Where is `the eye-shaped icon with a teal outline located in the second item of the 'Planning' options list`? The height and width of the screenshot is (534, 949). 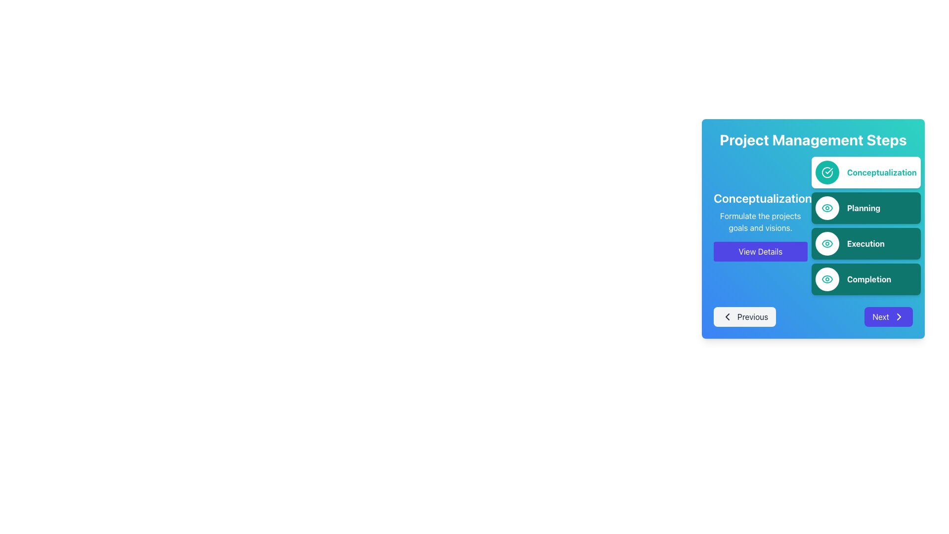
the eye-shaped icon with a teal outline located in the second item of the 'Planning' options list is located at coordinates (827, 207).